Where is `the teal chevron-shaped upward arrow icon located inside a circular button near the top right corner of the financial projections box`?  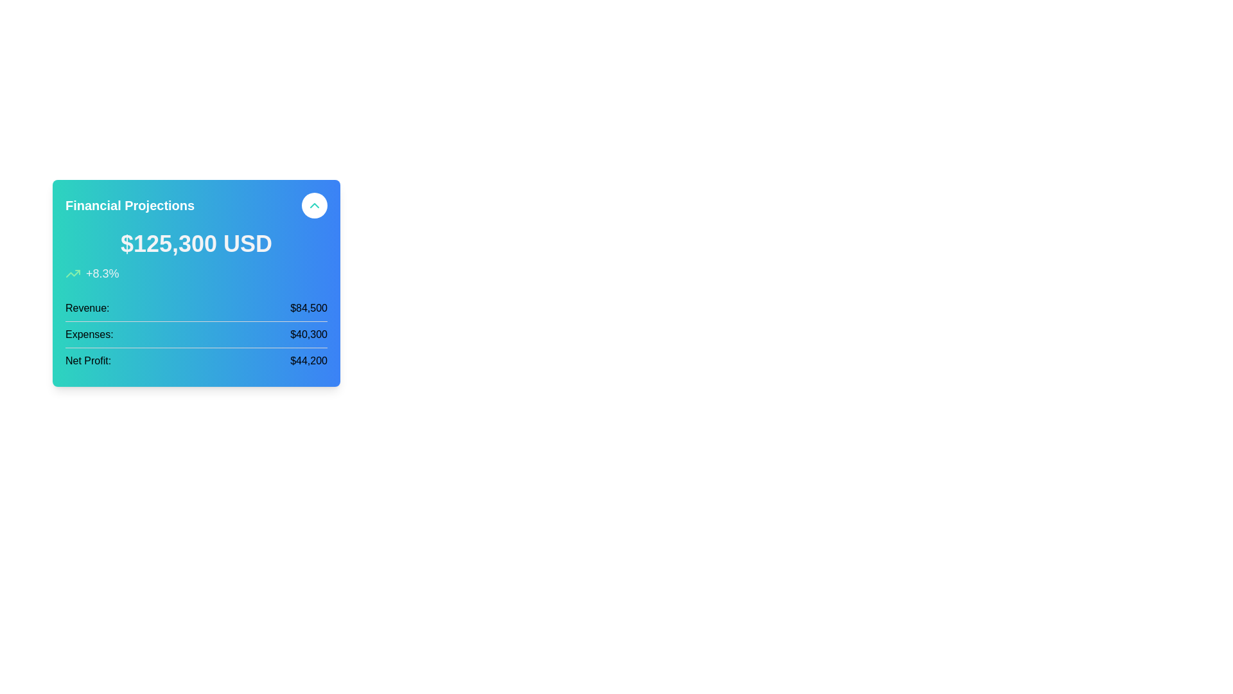 the teal chevron-shaped upward arrow icon located inside a circular button near the top right corner of the financial projections box is located at coordinates (314, 205).